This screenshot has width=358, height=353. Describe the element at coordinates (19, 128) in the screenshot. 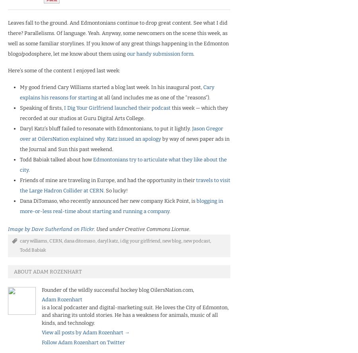

I see `'Daryl Katz’s bluff failed to resonate with Edmontonians, to put it lightly.'` at that location.